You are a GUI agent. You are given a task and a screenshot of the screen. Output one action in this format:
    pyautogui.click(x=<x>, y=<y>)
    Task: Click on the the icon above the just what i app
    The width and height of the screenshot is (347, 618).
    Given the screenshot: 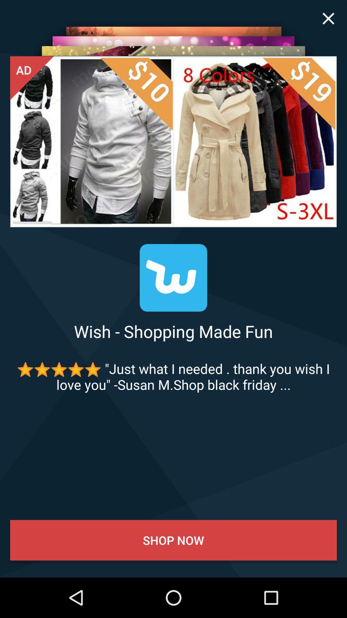 What is the action you would take?
    pyautogui.click(x=173, y=331)
    